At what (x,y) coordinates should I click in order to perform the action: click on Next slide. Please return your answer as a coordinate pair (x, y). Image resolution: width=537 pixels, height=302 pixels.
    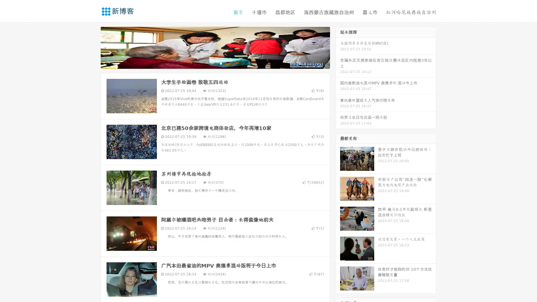
    Looking at the image, I should click on (338, 47).